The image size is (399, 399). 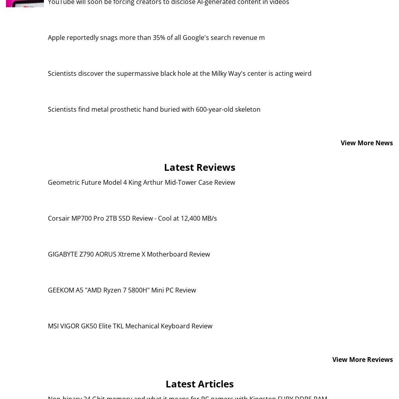 I want to click on 'Scientists find metal prosthetic hand buried with 600-year-old skeleton', so click(x=154, y=109).